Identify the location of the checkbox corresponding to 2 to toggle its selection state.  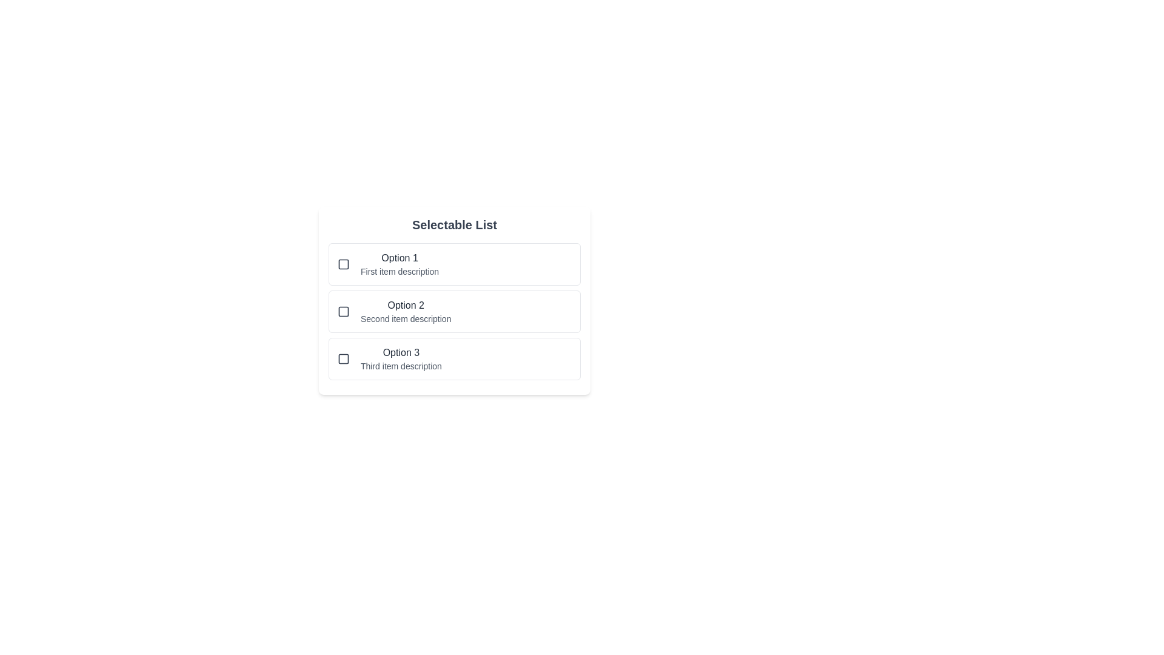
(343, 311).